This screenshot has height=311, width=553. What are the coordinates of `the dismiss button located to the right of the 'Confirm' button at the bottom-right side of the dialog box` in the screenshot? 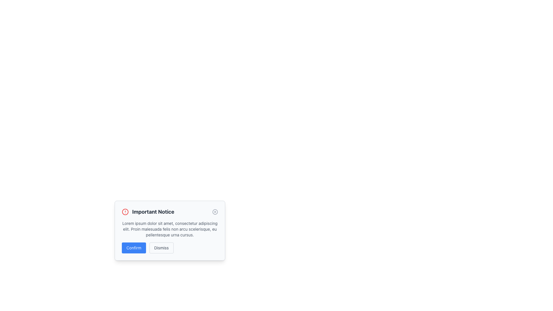 It's located at (161, 247).